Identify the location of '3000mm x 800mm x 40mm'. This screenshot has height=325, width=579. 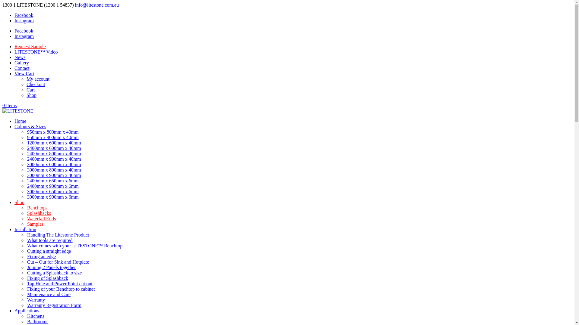
(54, 170).